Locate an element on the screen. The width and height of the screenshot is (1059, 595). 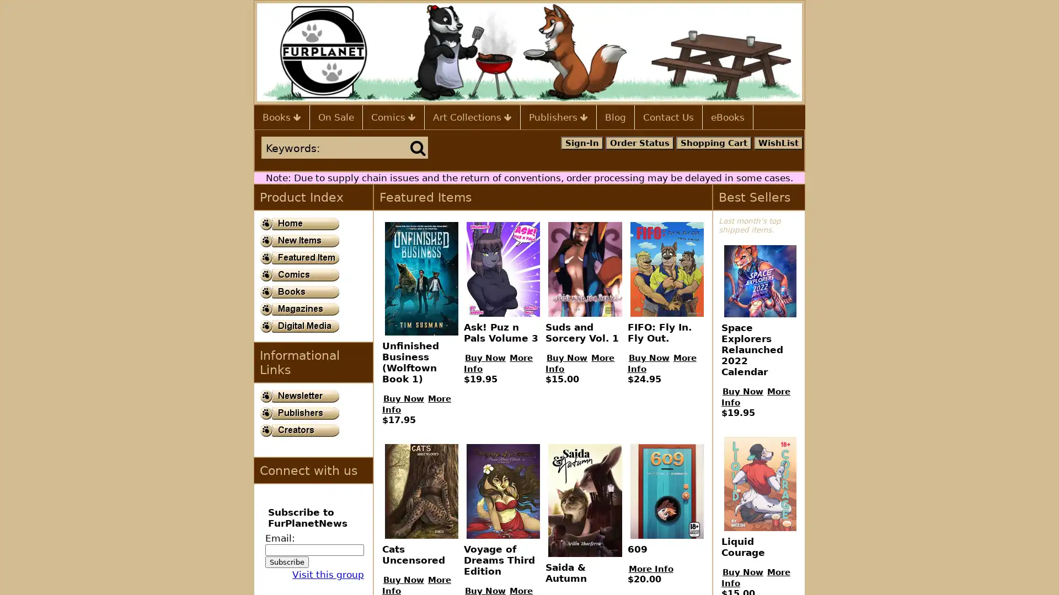
Order Status is located at coordinates (640, 142).